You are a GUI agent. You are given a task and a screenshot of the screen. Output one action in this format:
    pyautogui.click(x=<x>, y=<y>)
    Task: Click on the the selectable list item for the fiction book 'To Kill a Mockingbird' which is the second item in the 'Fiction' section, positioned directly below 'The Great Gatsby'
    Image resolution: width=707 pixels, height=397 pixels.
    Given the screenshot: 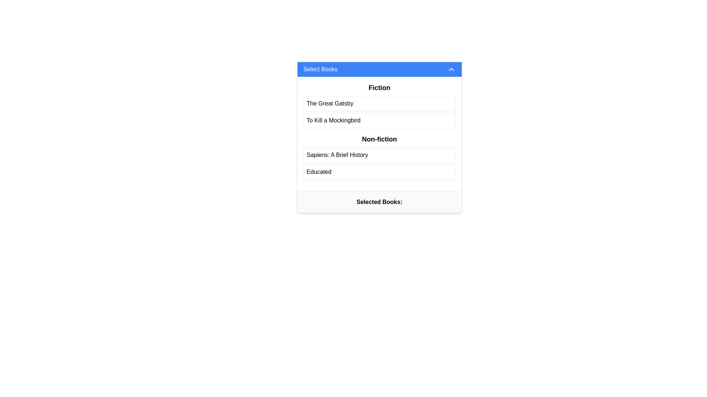 What is the action you would take?
    pyautogui.click(x=379, y=120)
    